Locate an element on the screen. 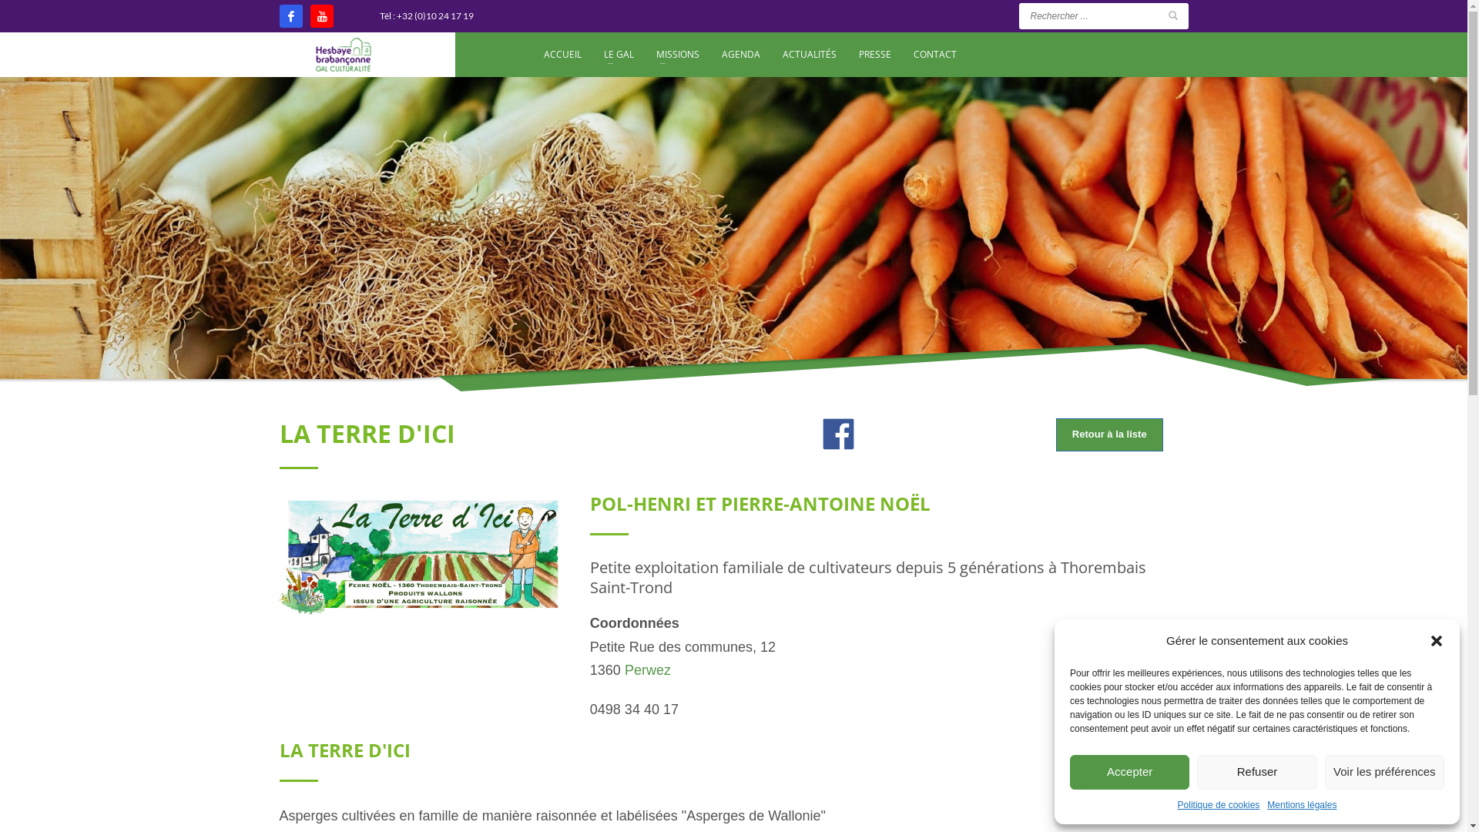 This screenshot has height=832, width=1479. 'Perwez' is located at coordinates (647, 669).